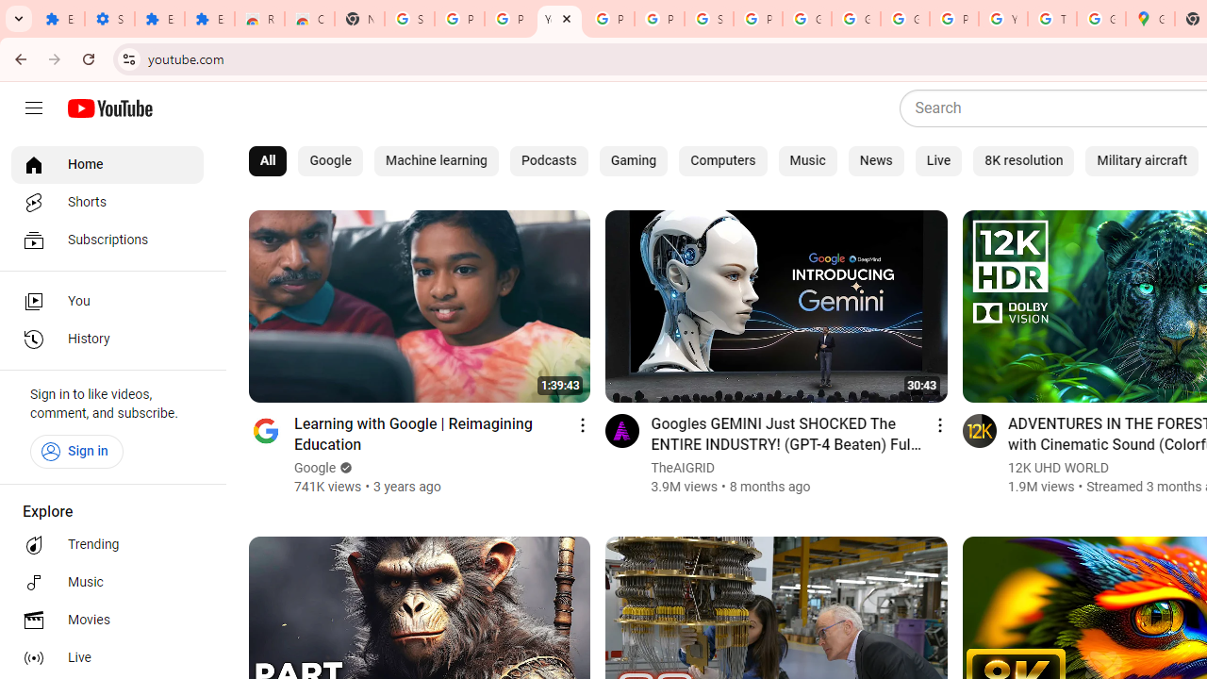 The image size is (1207, 679). What do you see at coordinates (408, 19) in the screenshot?
I see `'Sign in - Google Accounts'` at bounding box center [408, 19].